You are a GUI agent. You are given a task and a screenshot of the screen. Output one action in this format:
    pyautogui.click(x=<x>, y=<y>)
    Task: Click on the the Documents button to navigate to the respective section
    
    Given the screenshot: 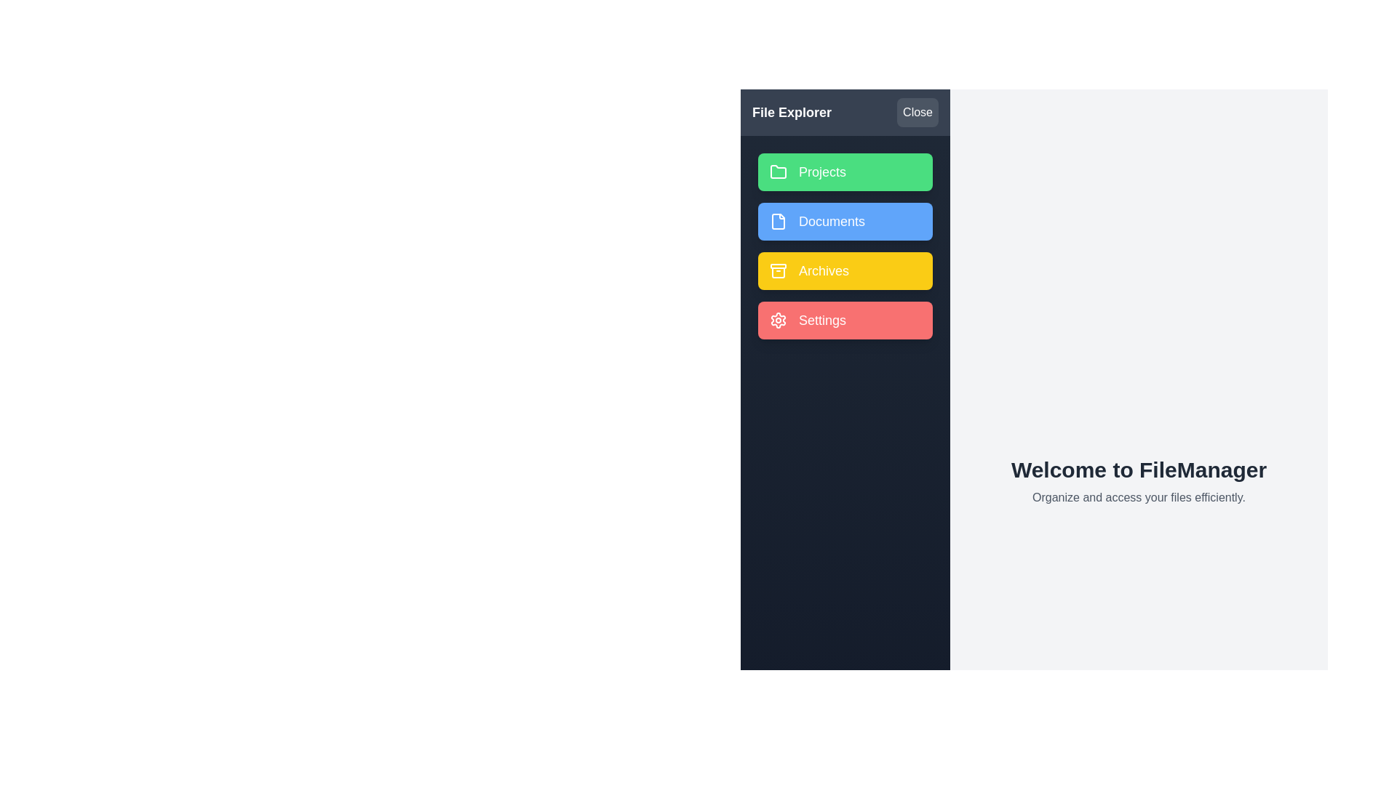 What is the action you would take?
    pyautogui.click(x=845, y=221)
    